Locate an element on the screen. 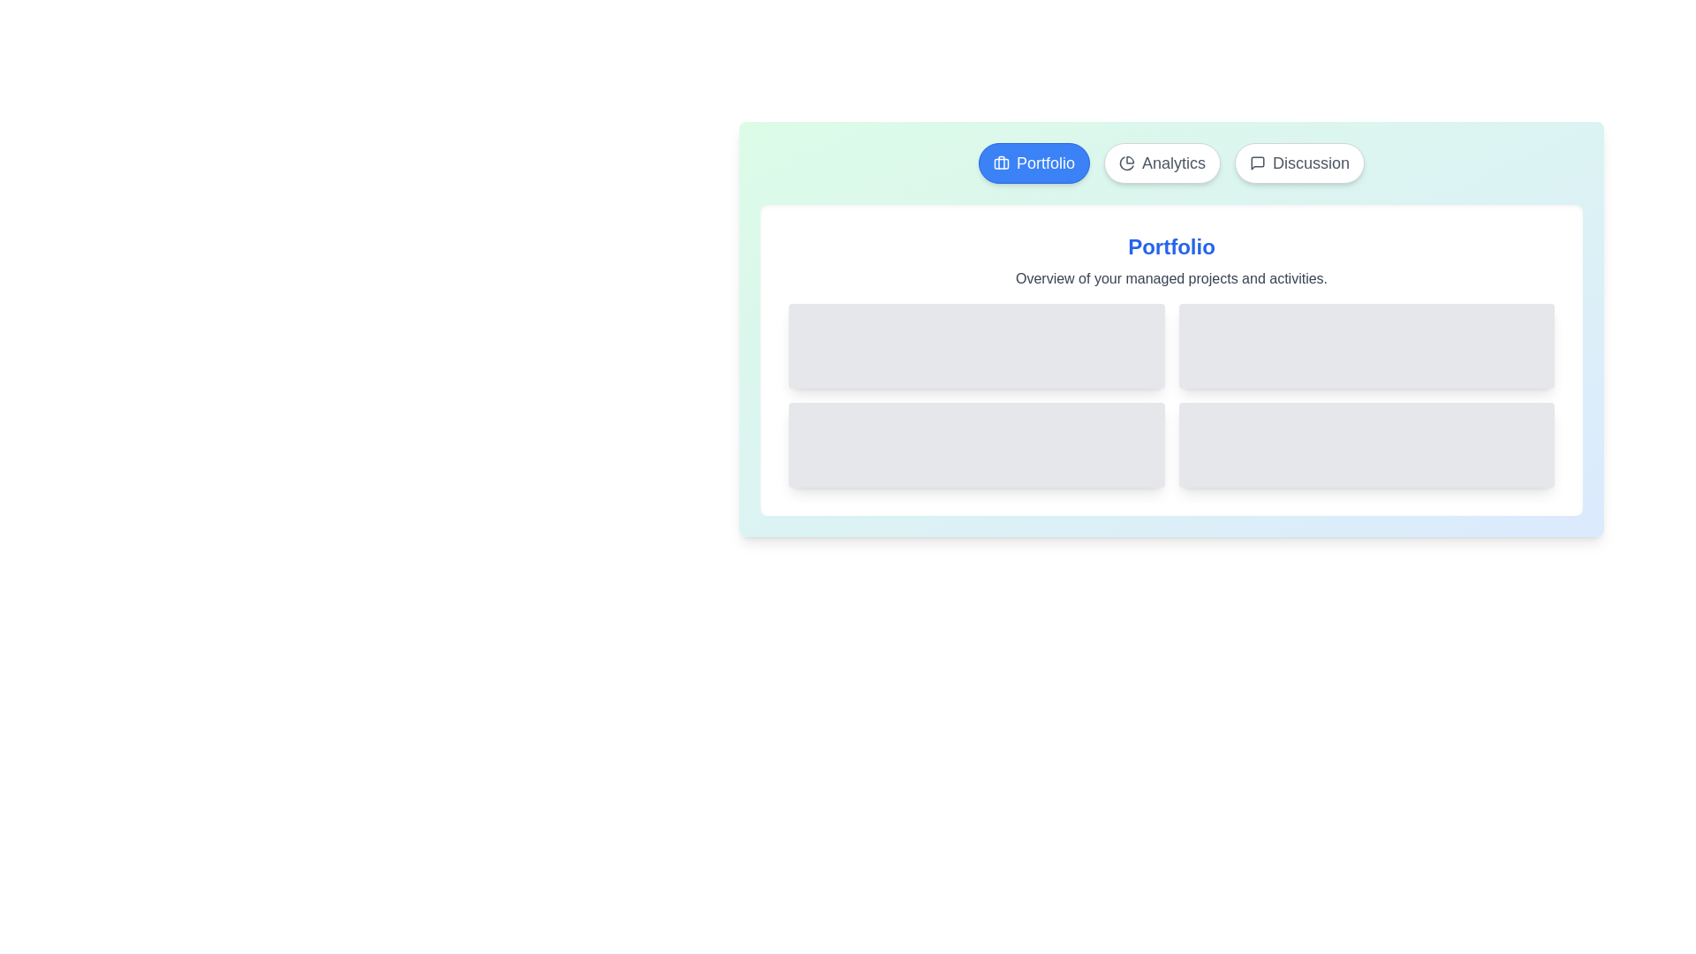  the Analytics tab to observe its hover effect is located at coordinates (1162, 163).